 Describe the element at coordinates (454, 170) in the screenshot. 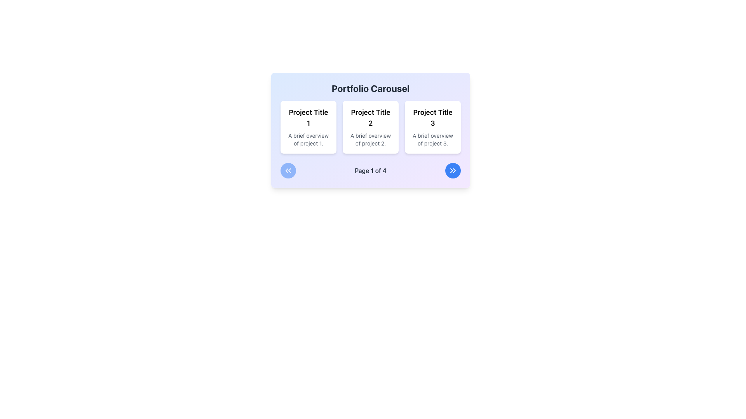

I see `the second right-facing chevron icon within the navigation button area on the right side of the portfolio carousel` at that location.